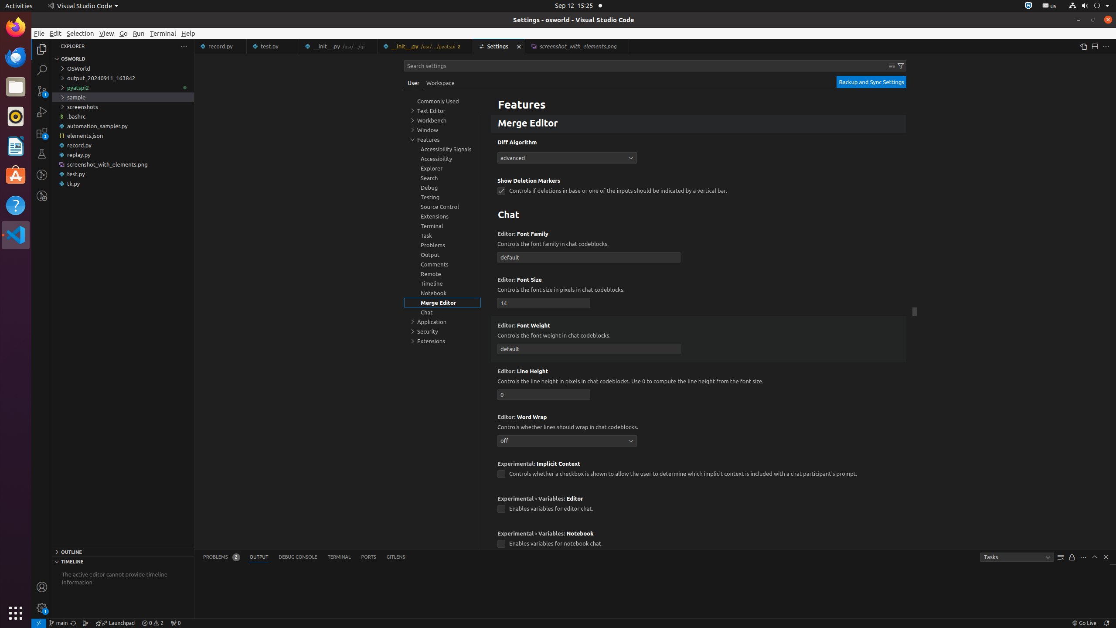  What do you see at coordinates (442, 197) in the screenshot?
I see `'Testing, group'` at bounding box center [442, 197].